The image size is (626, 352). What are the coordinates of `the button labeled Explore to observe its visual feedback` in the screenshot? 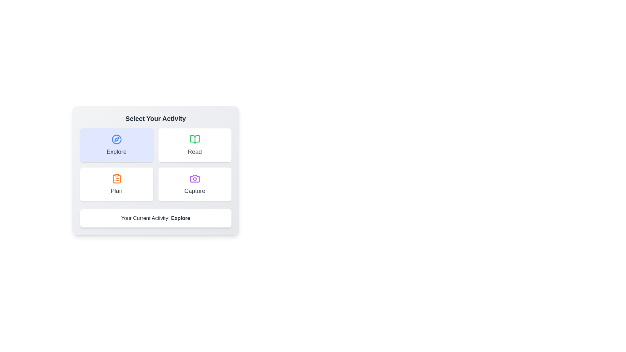 It's located at (116, 145).